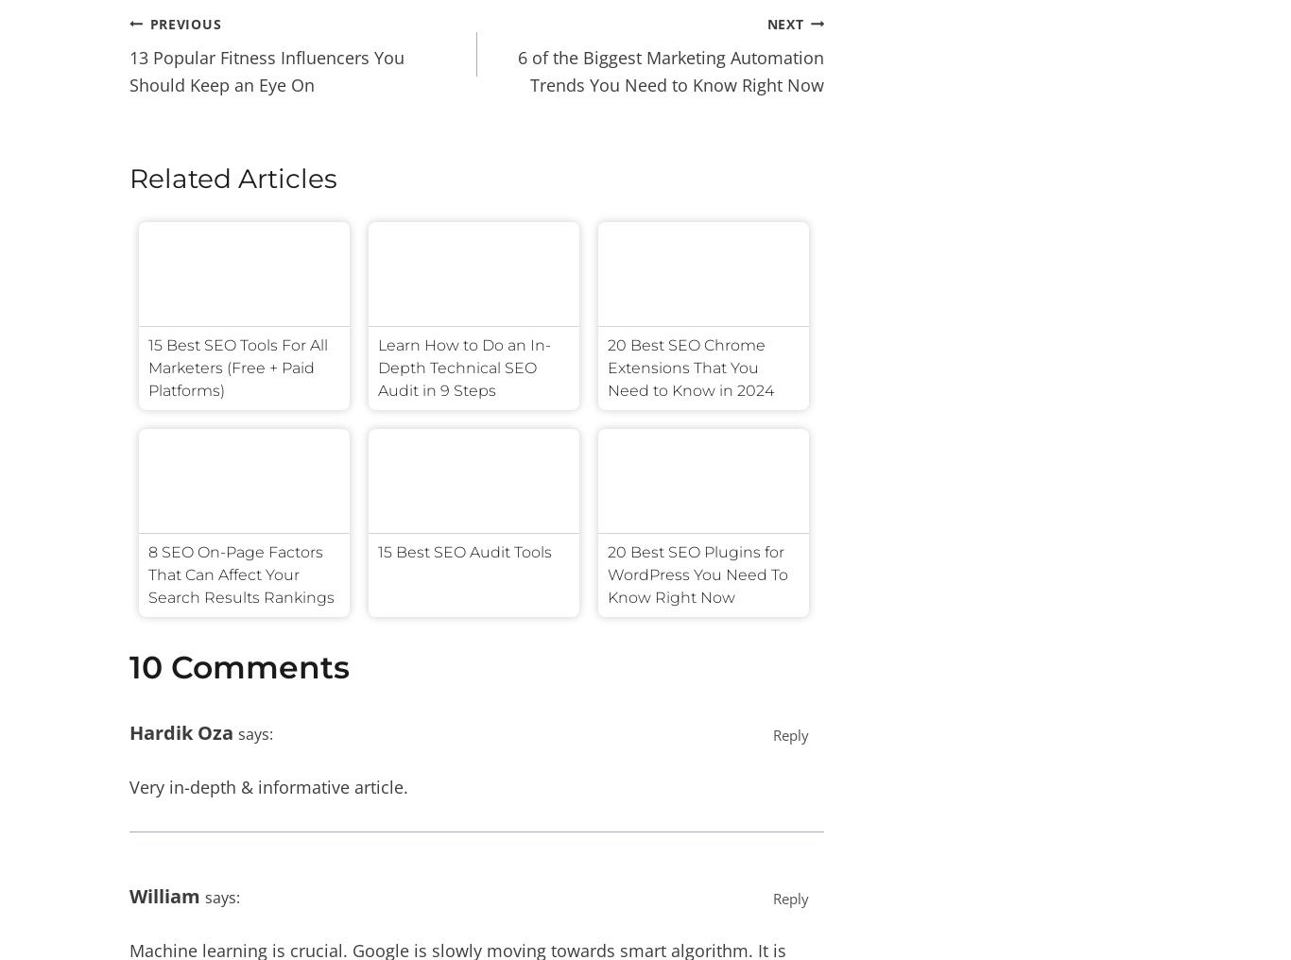 The width and height of the screenshot is (1291, 960). Describe the element at coordinates (232, 177) in the screenshot. I see `'Related Articles'` at that location.